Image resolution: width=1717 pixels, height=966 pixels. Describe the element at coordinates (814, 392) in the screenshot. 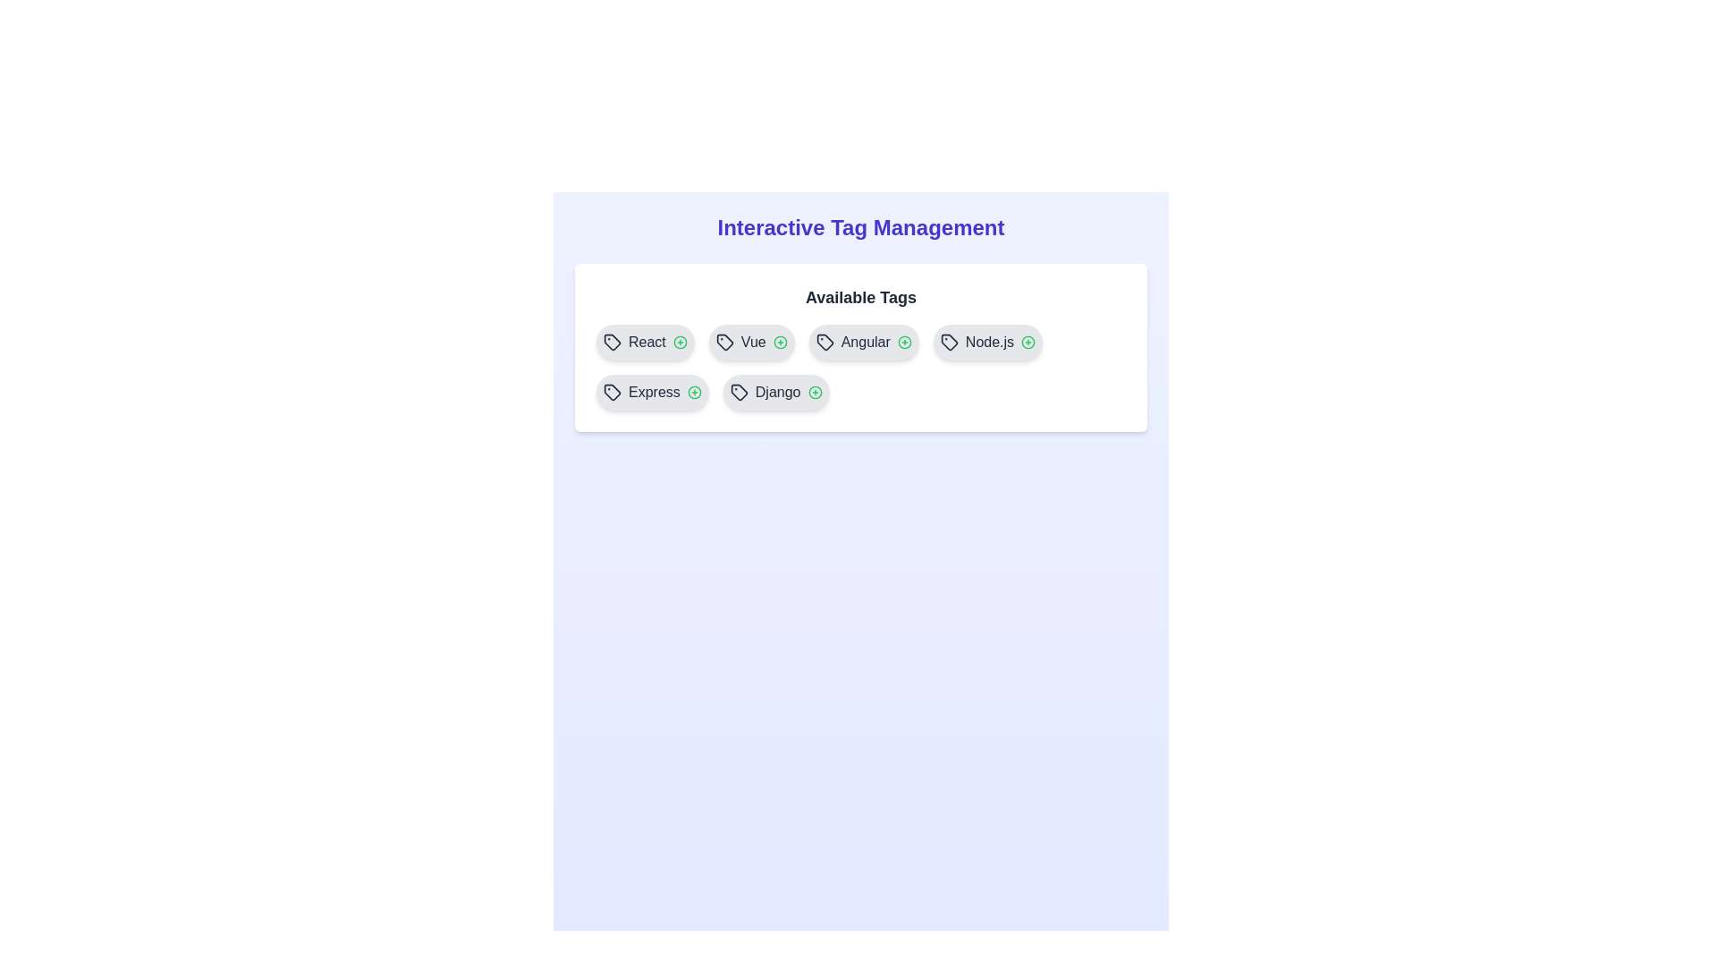

I see `the SVG circle visual component that is part of the icon indicating a functional action related to the Django tag` at that location.